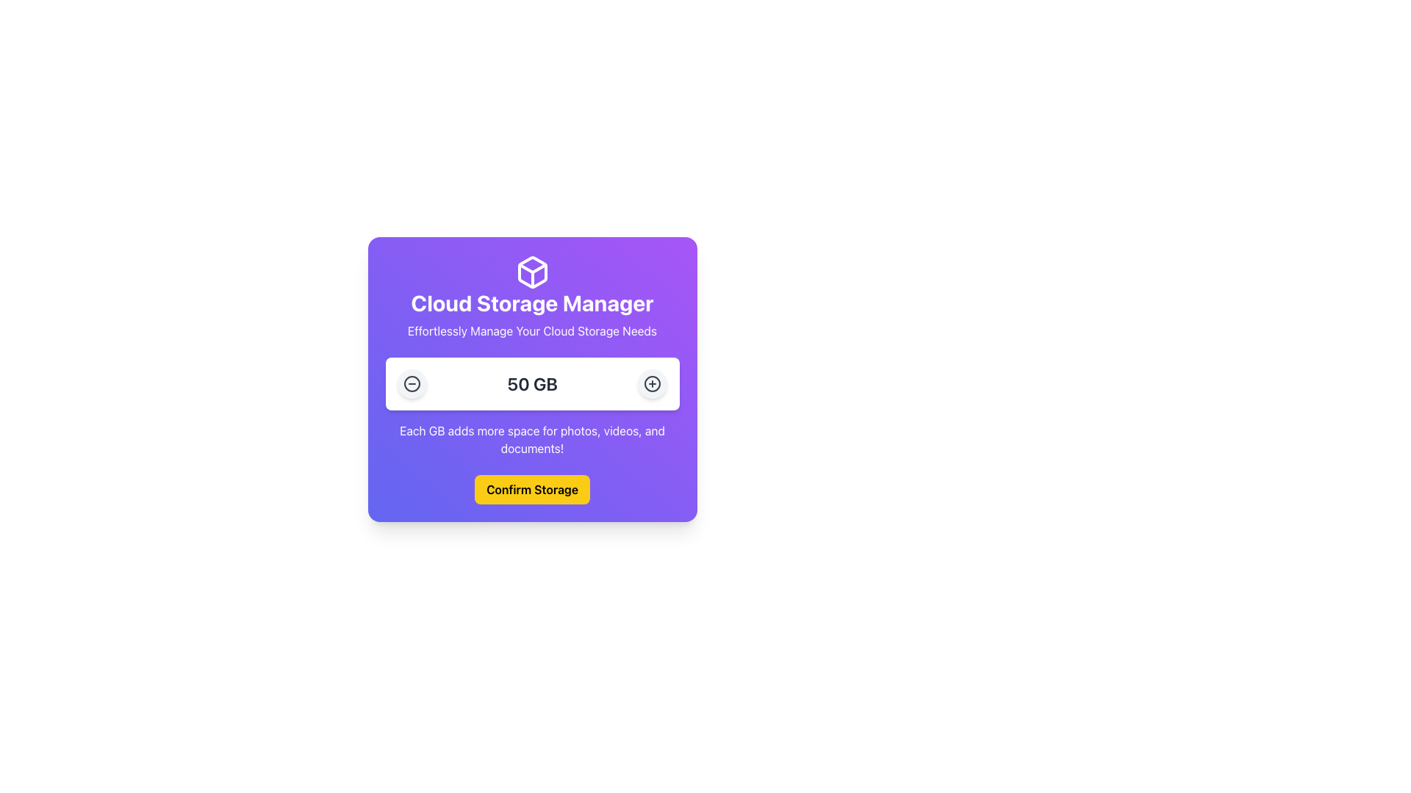 Image resolution: width=1411 pixels, height=793 pixels. What do you see at coordinates (531, 383) in the screenshot?
I see `the Selection and display panel located at the center of the 'Cloud Storage Manager' card, which displays the selected storage amount and allows users to adjust the value` at bounding box center [531, 383].